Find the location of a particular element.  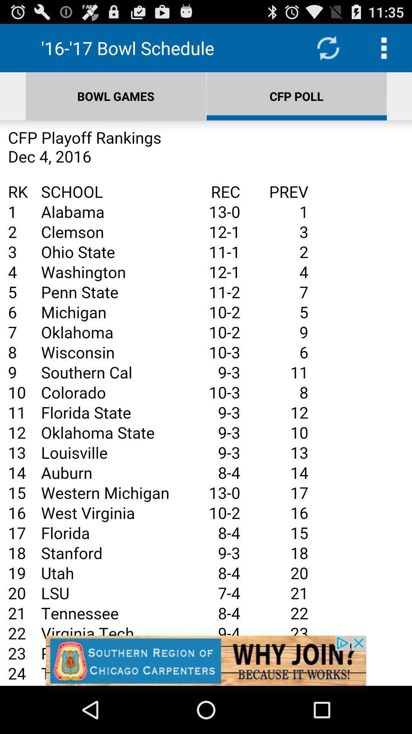

advertisement is located at coordinates (206, 660).